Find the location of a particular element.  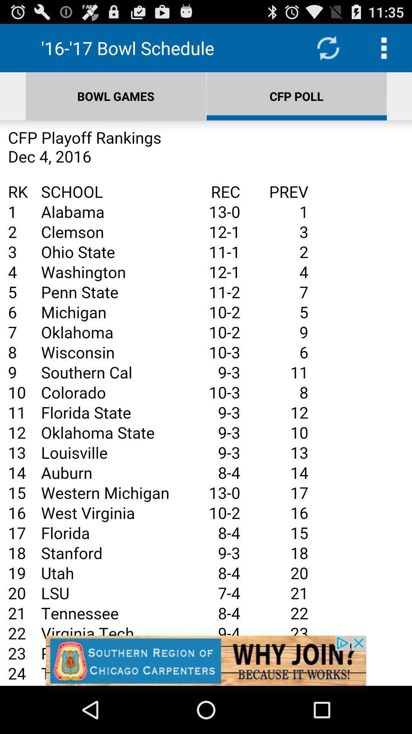

advertisement is located at coordinates (206, 660).